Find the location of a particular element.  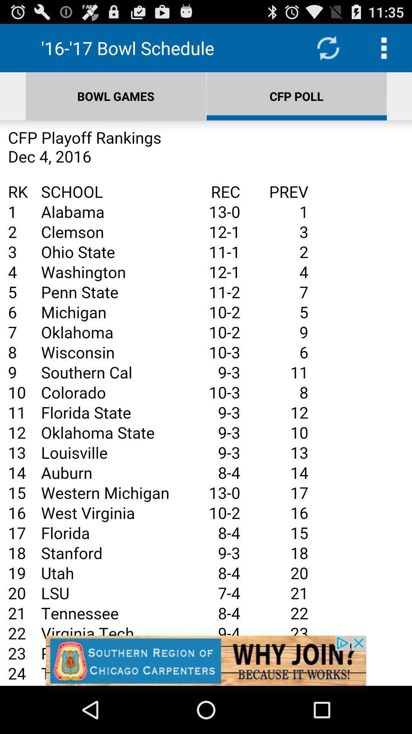

advertisement is located at coordinates (206, 660).